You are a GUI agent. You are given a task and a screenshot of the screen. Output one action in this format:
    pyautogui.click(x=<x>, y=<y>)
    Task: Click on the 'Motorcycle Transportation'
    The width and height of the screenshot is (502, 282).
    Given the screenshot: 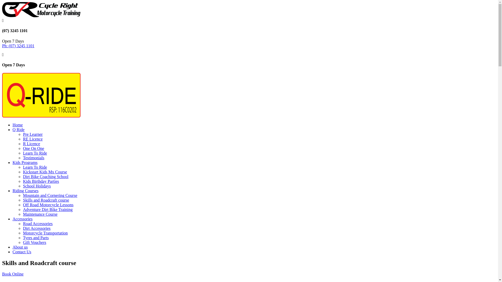 What is the action you would take?
    pyautogui.click(x=45, y=233)
    